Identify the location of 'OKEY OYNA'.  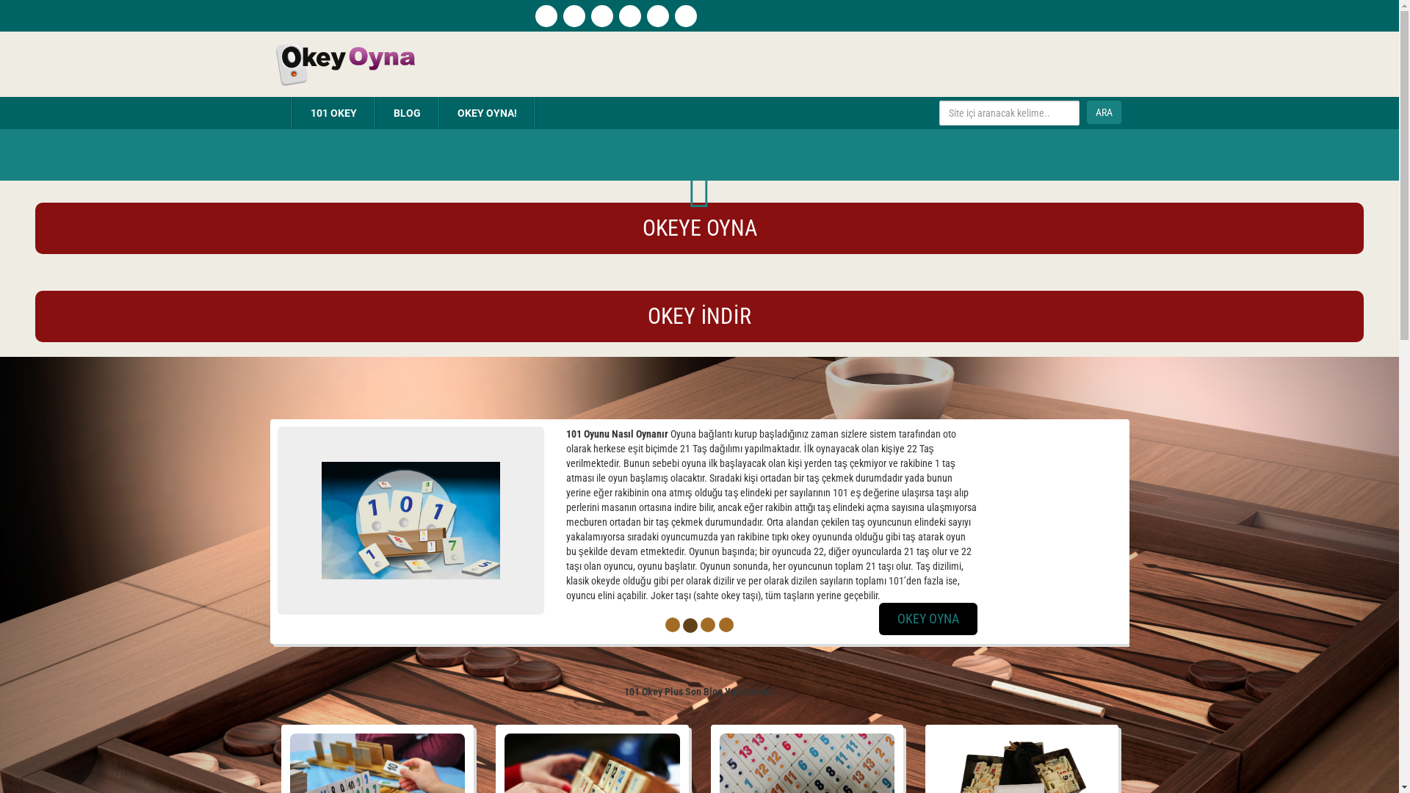
(990, 619).